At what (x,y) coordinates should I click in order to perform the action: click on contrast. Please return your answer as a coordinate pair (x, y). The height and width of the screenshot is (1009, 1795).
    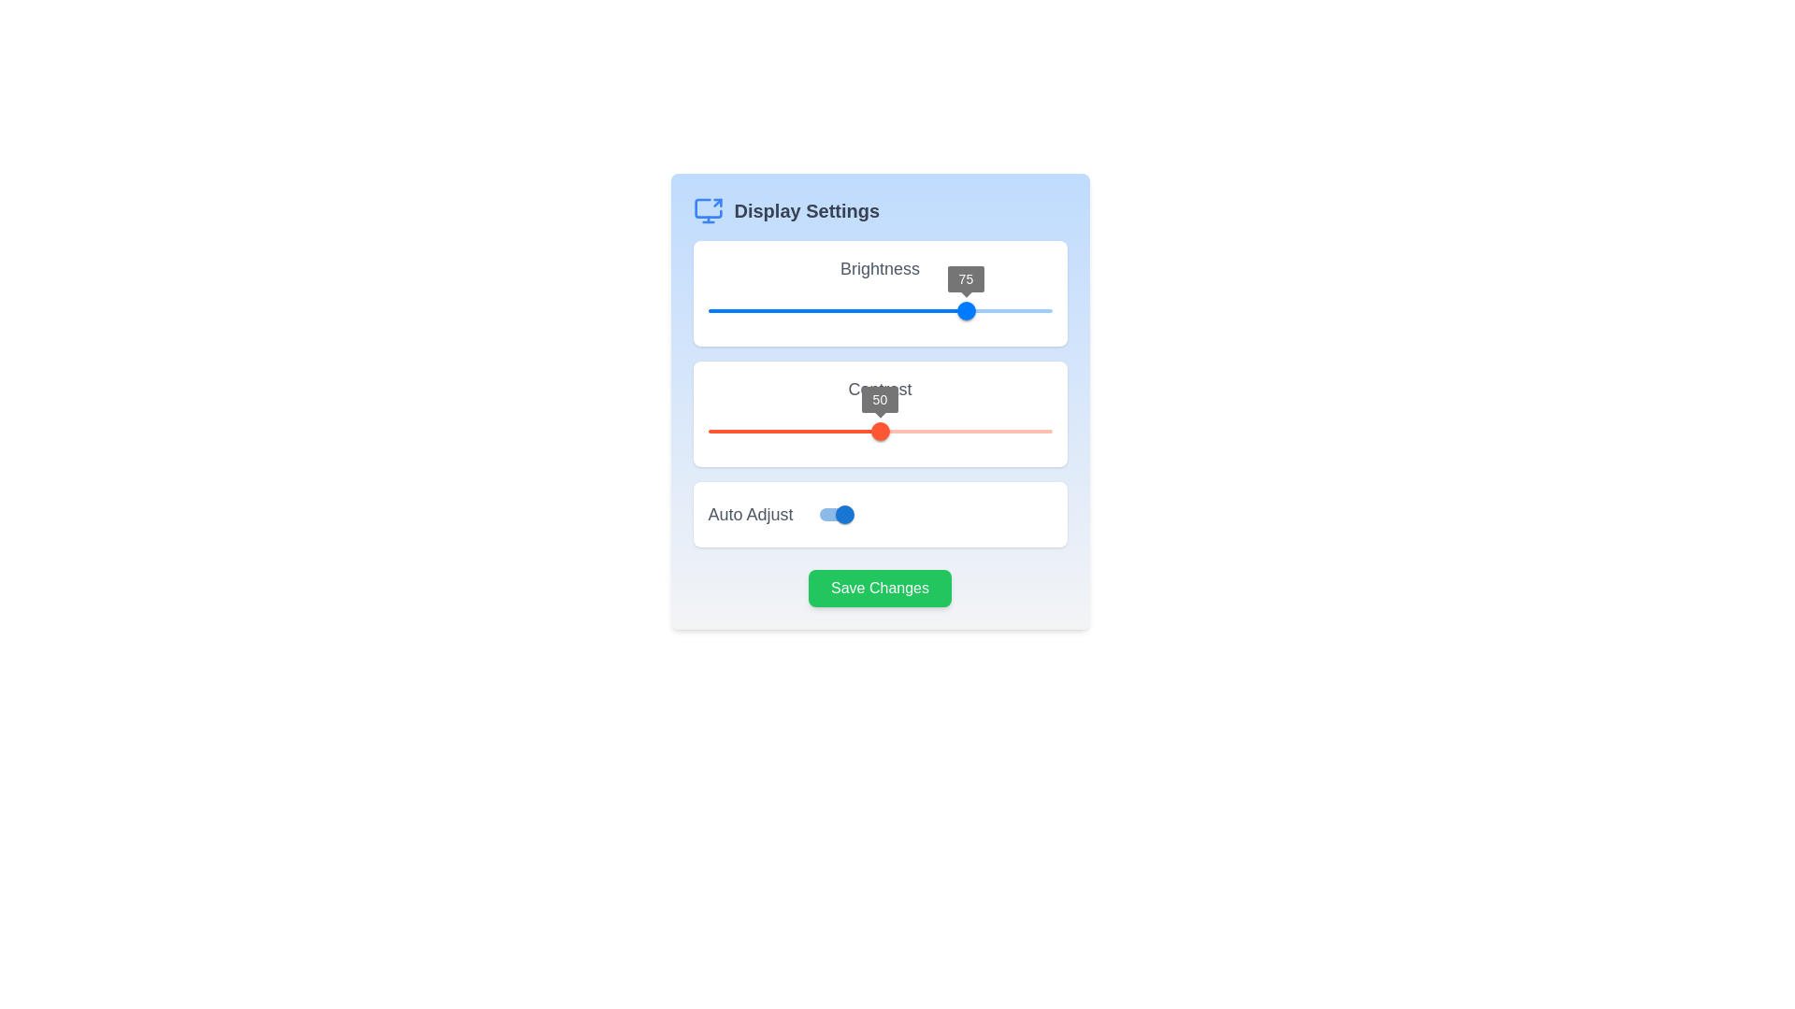
    Looking at the image, I should click on (945, 432).